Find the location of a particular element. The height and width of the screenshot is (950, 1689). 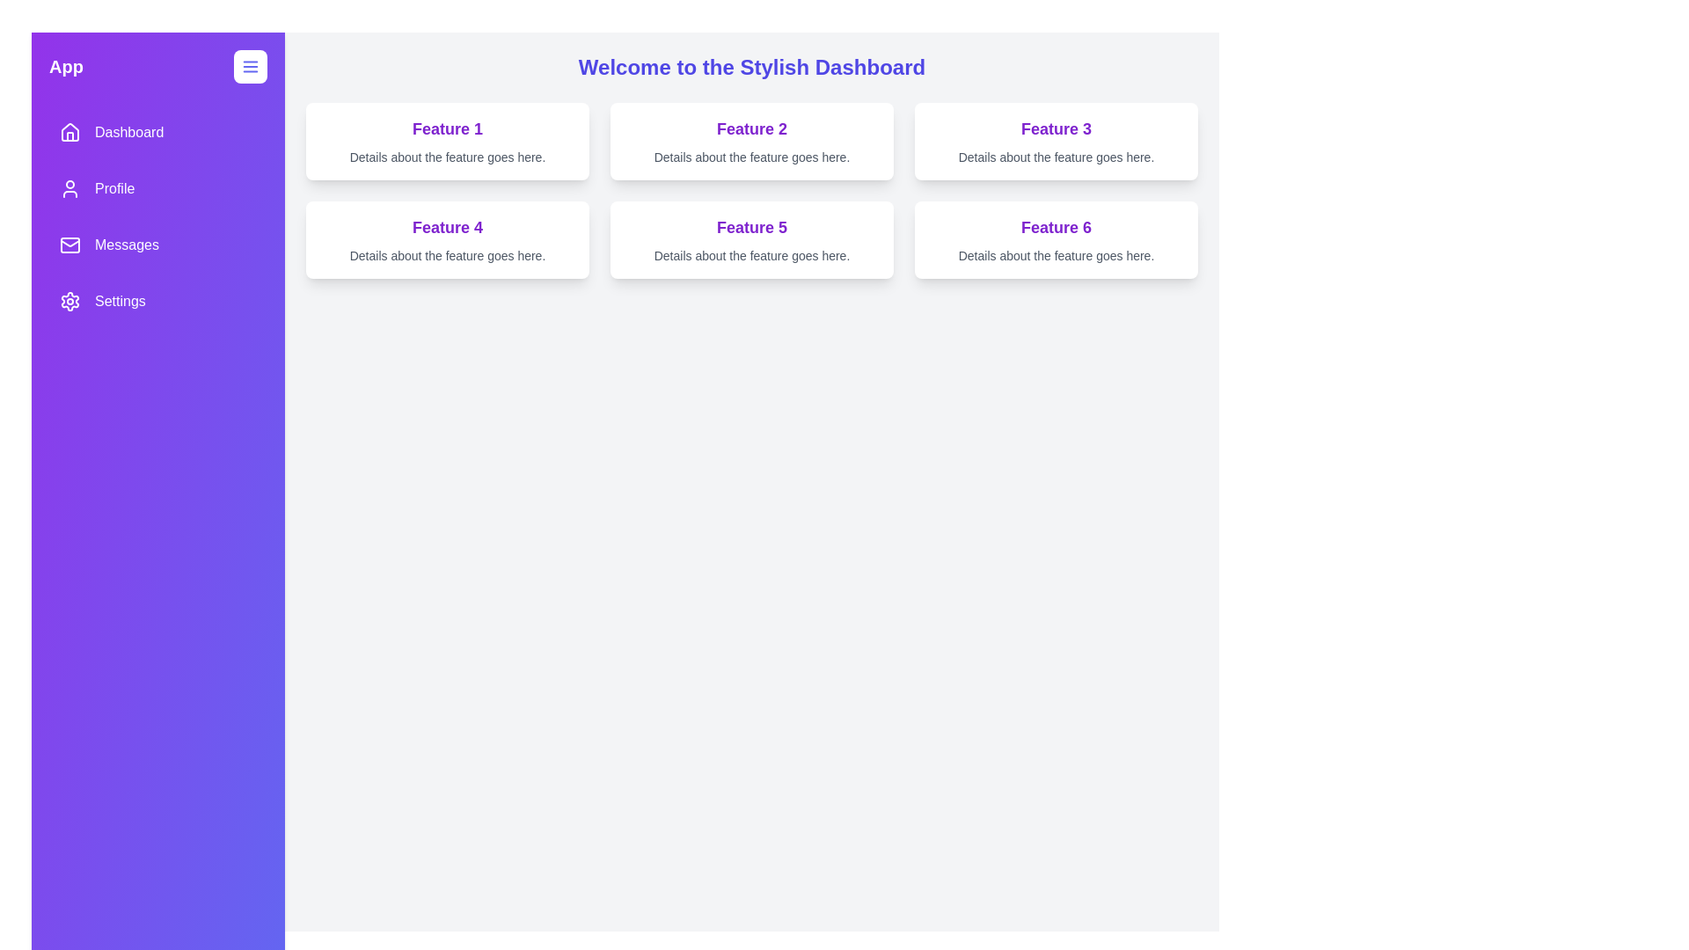

the bold, large purple text label reading 'Feature 4' that is located at the top of the second feature card in the grid is located at coordinates (447, 226).